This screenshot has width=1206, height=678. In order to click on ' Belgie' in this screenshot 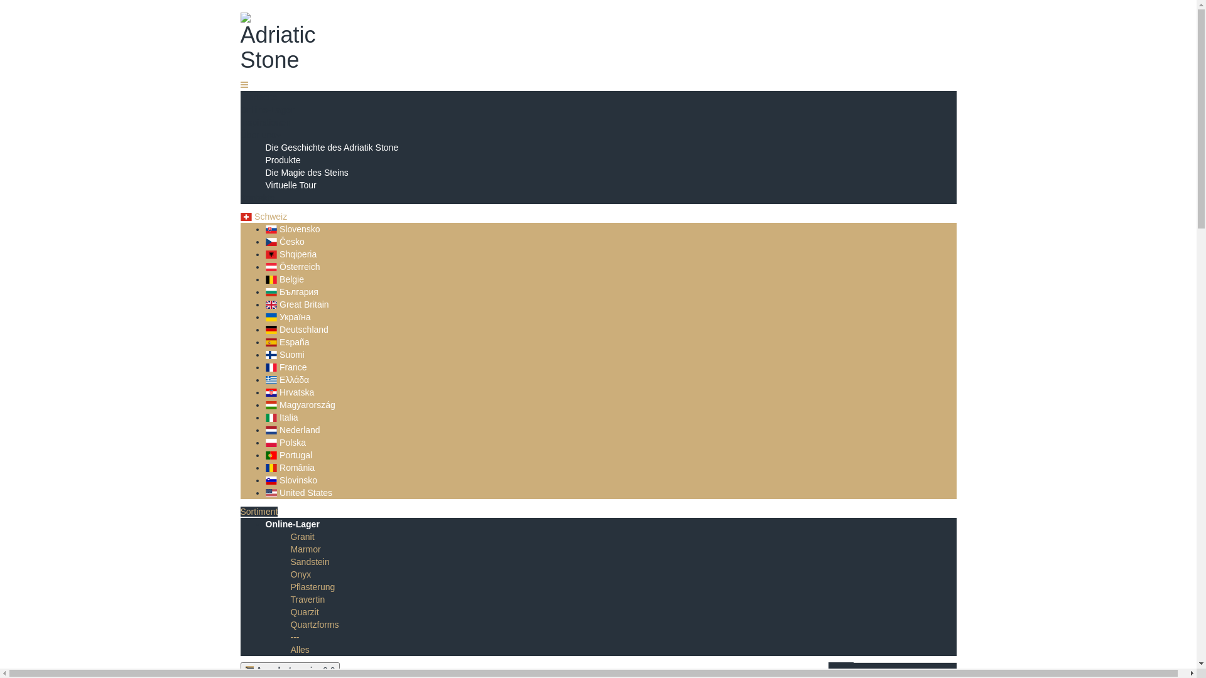, I will do `click(283, 278)`.